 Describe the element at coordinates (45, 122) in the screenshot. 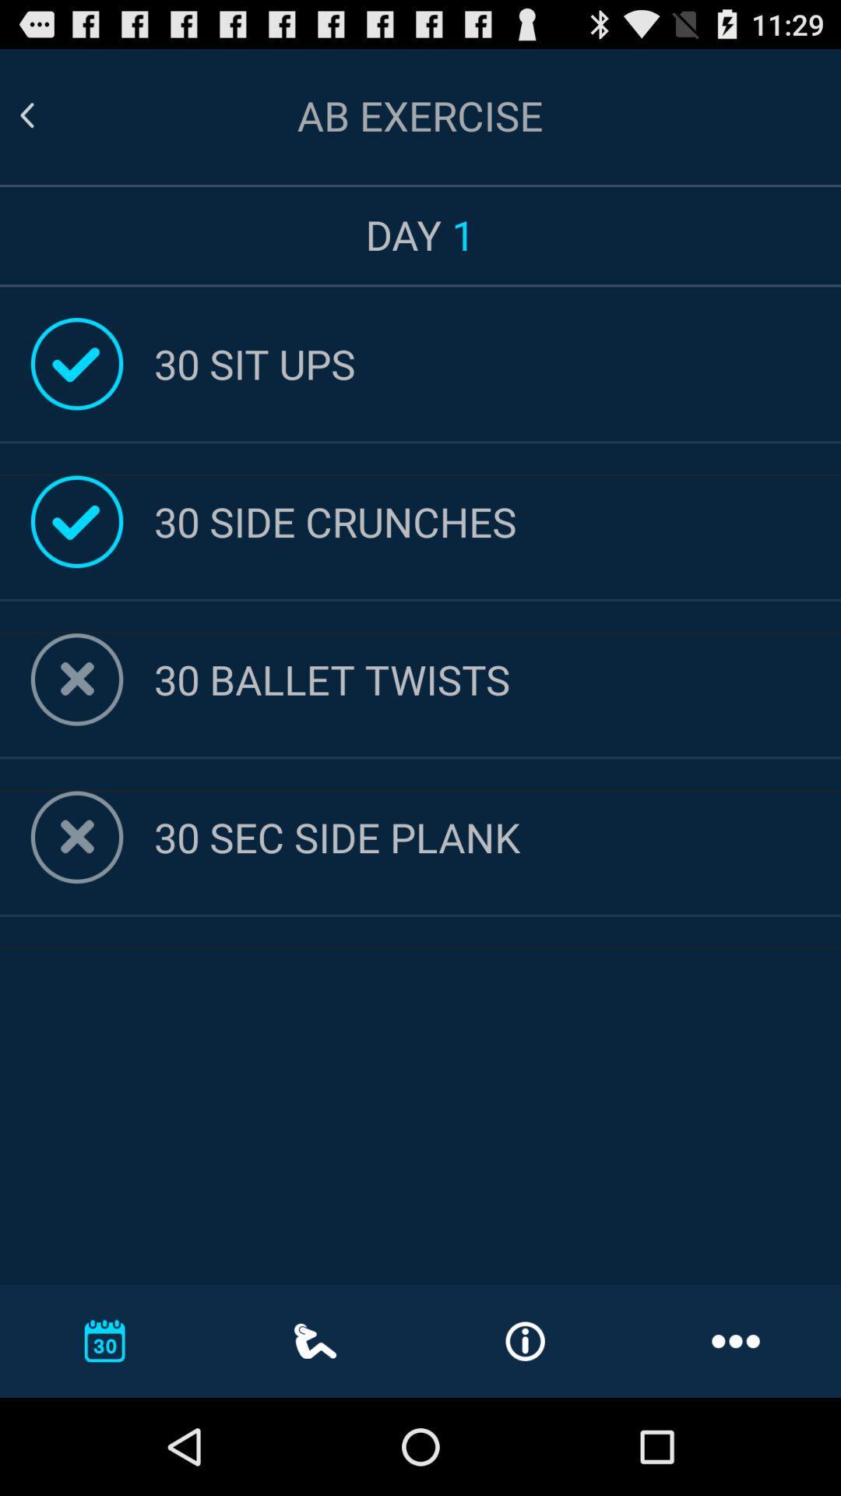

I see `the arrow_backward icon` at that location.